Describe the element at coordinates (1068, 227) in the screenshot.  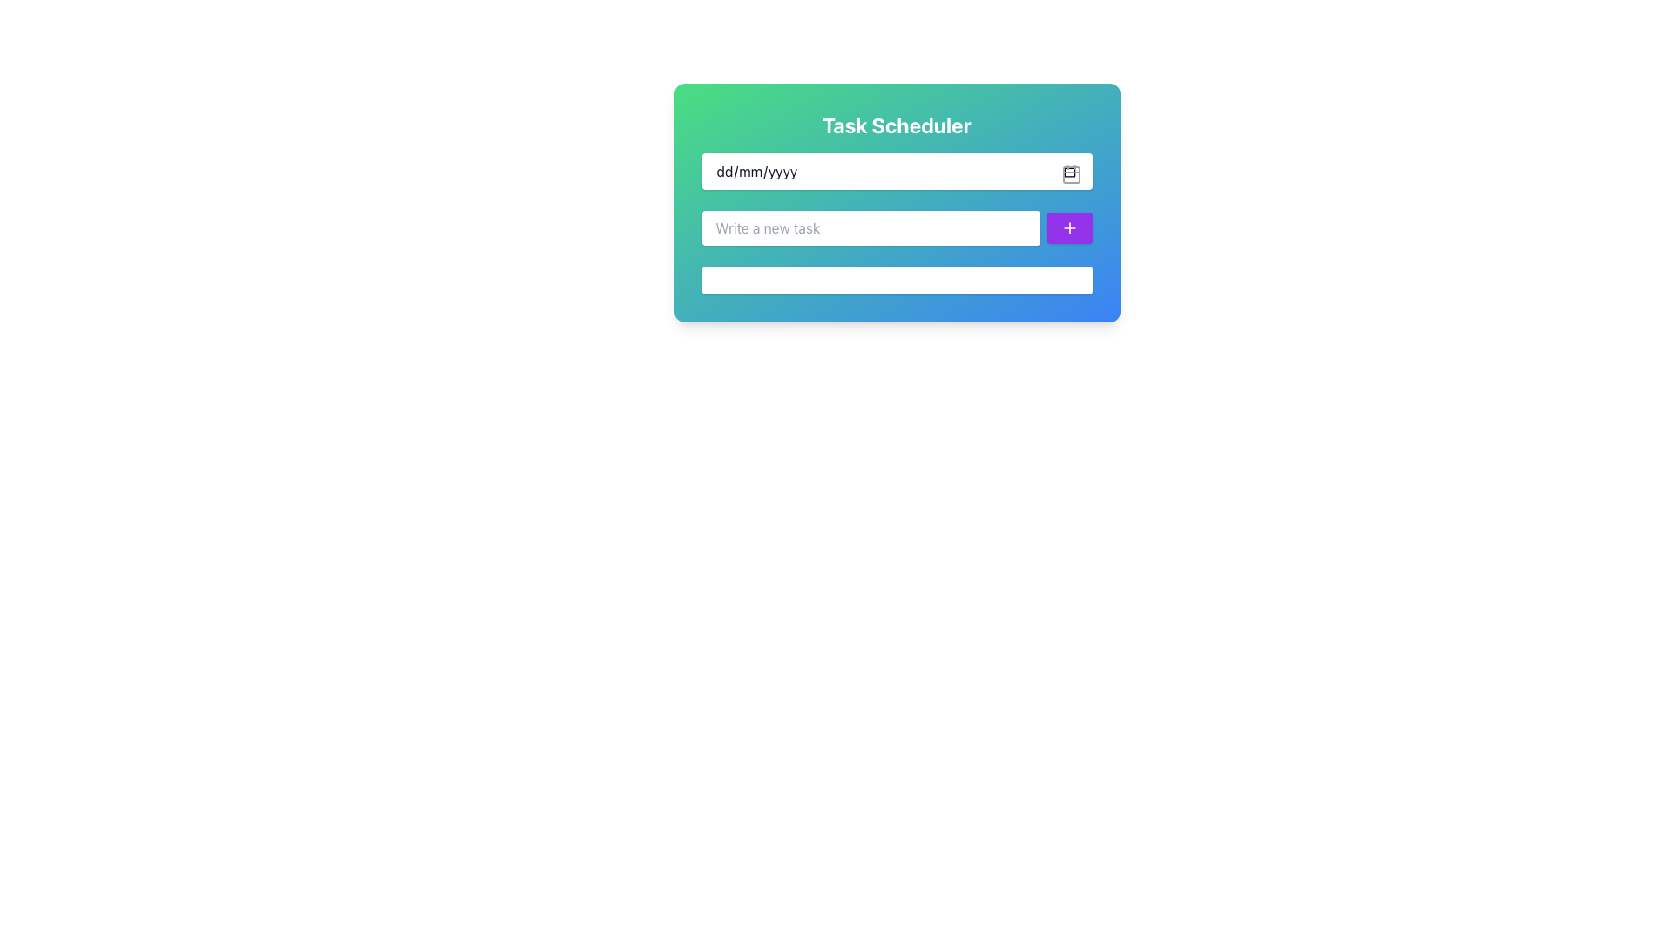
I see `the interactive button with an icon located in the bottom-right corner of the second input field group to prepare for keyboard interaction` at that location.